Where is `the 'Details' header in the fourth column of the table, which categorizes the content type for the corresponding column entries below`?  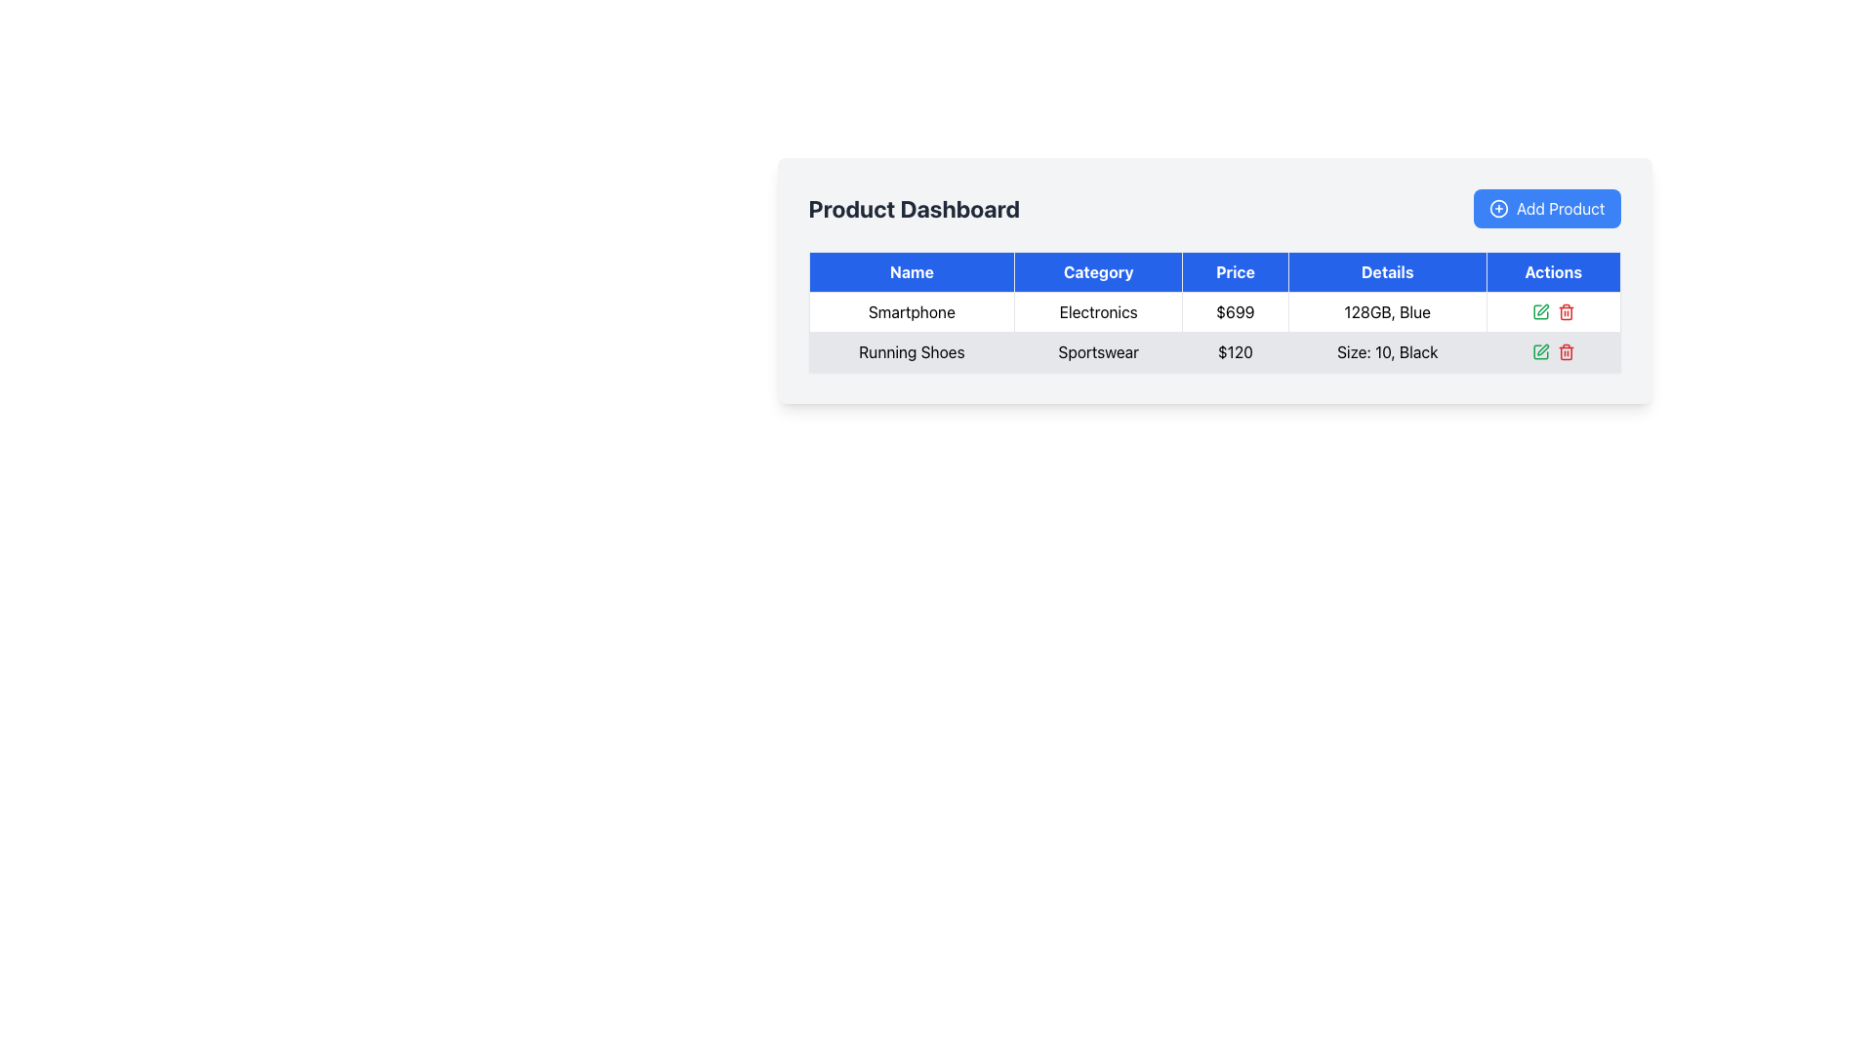 the 'Details' header in the fourth column of the table, which categorizes the content type for the corresponding column entries below is located at coordinates (1386, 271).